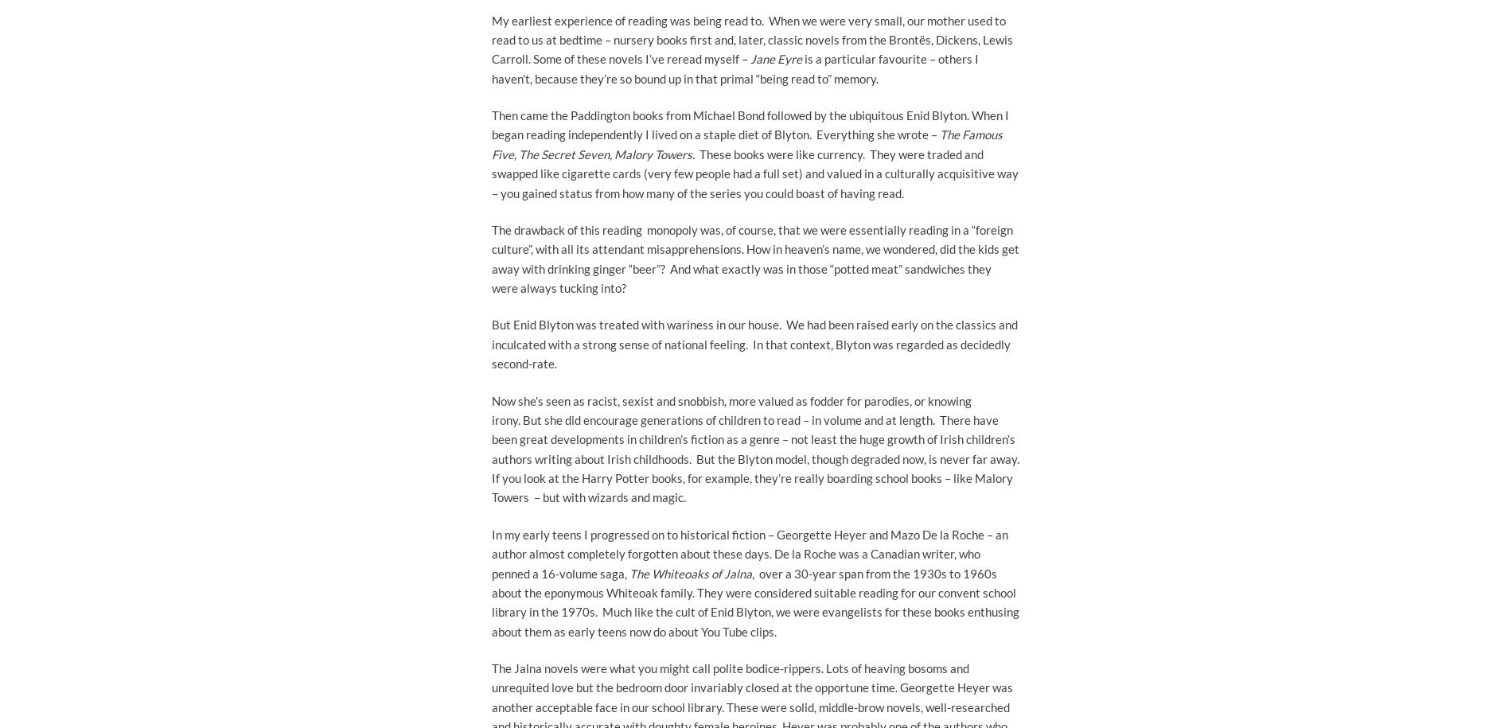  Describe the element at coordinates (689, 573) in the screenshot. I see `'The Whiteoaks of Jalna'` at that location.